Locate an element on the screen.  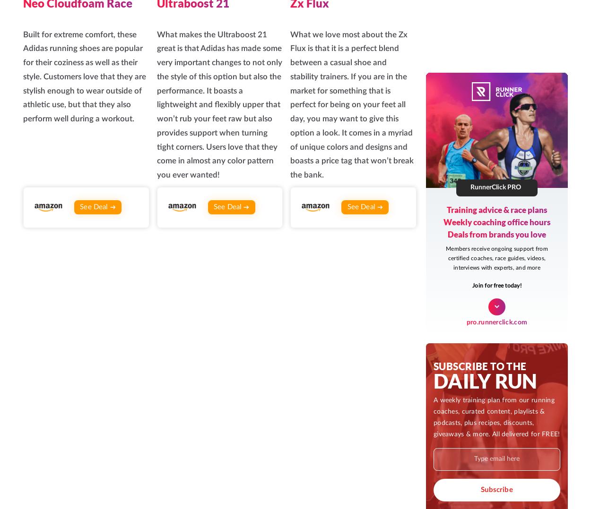
'Privacy Policy' is located at coordinates (507, 302).